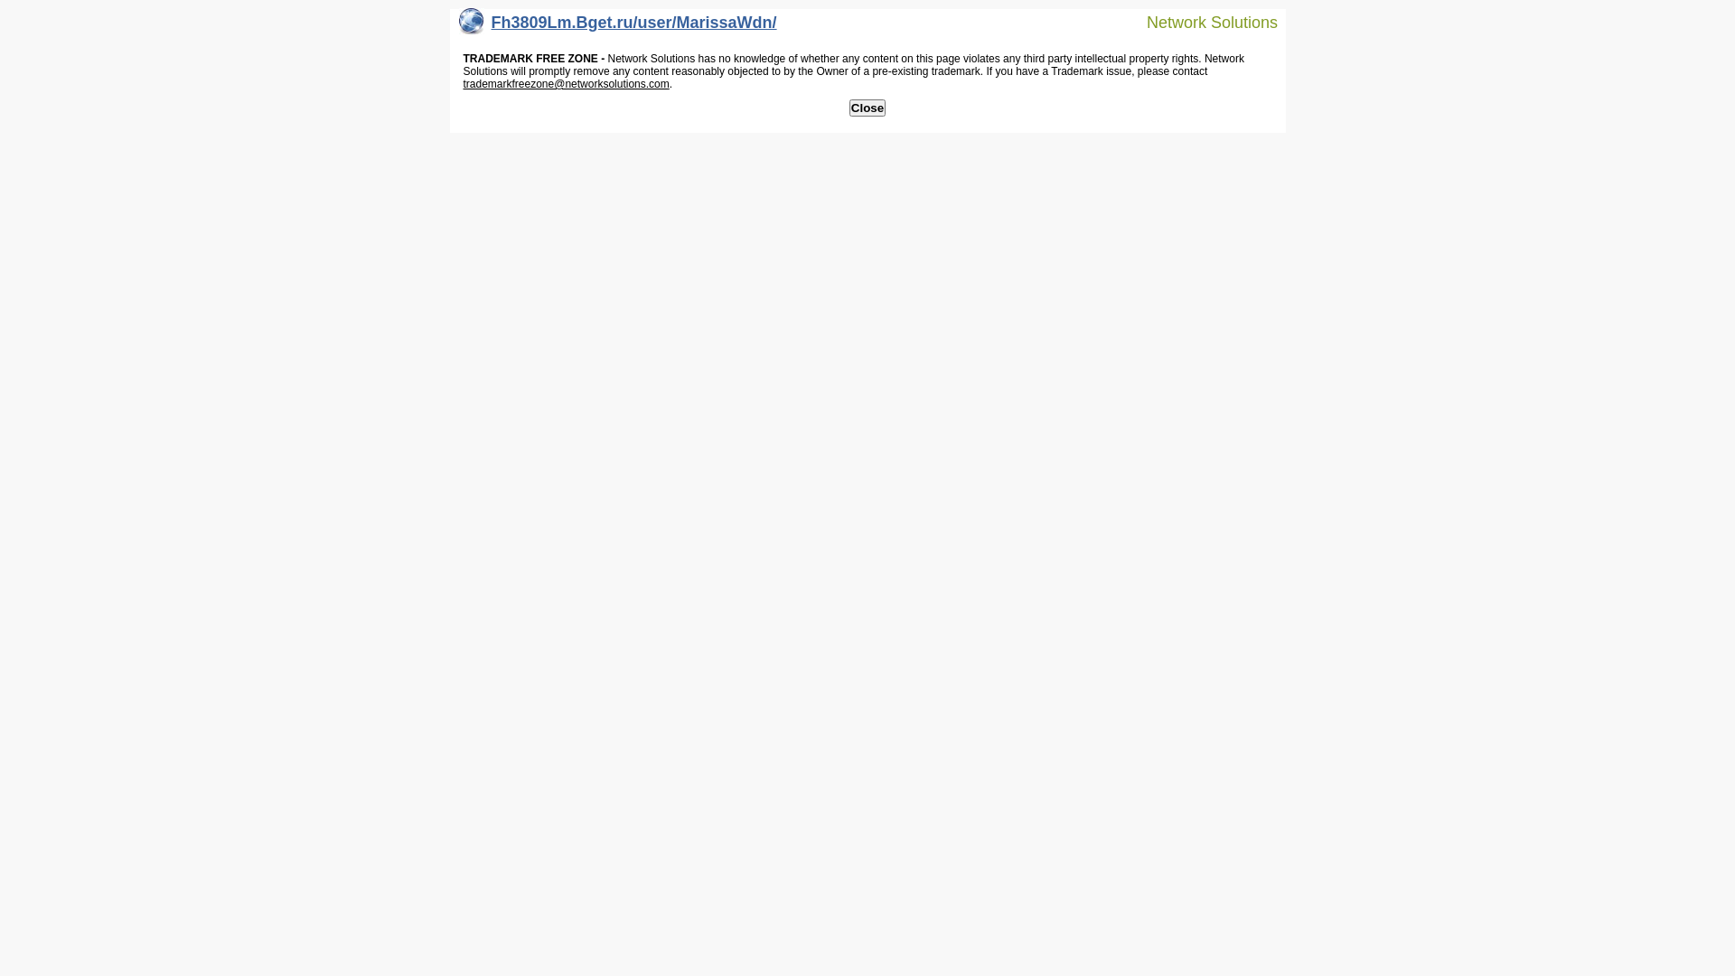  What do you see at coordinates (1201, 21) in the screenshot?
I see `'Network Solutions'` at bounding box center [1201, 21].